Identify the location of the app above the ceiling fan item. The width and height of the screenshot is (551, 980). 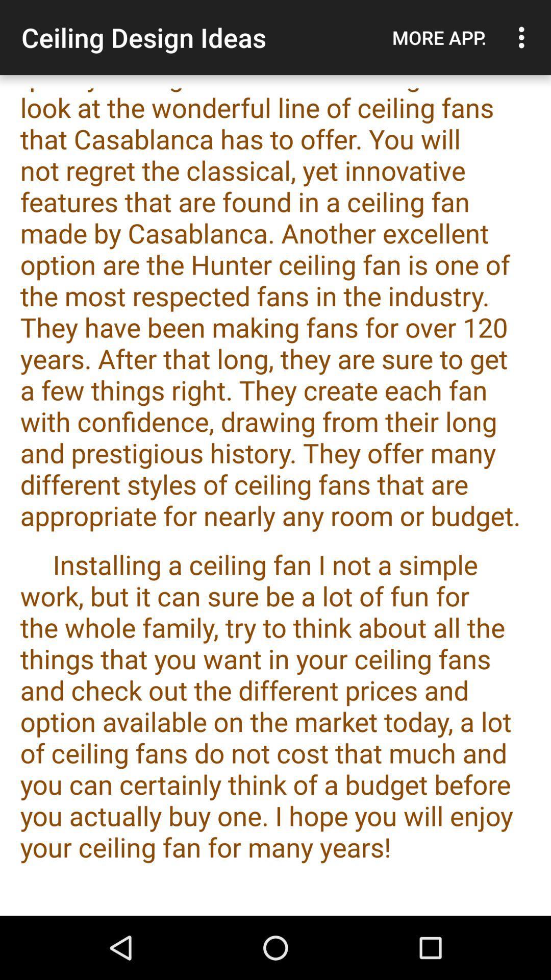
(439, 37).